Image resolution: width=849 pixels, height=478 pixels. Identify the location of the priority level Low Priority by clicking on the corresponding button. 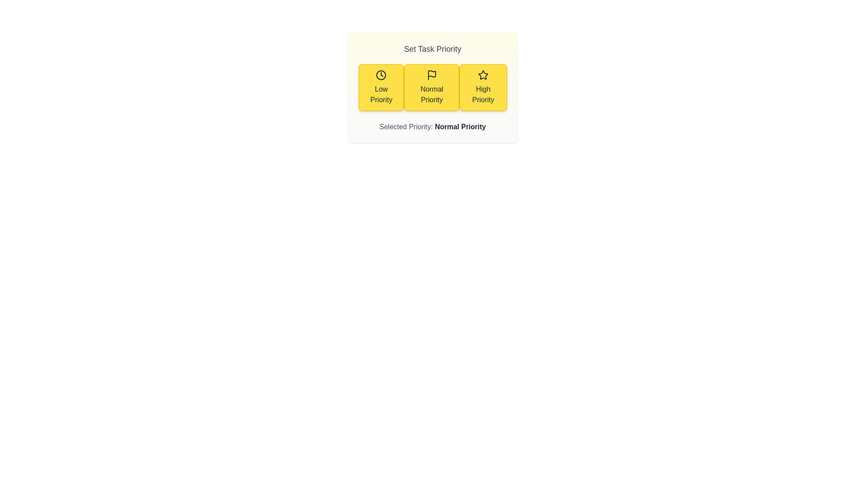
(381, 87).